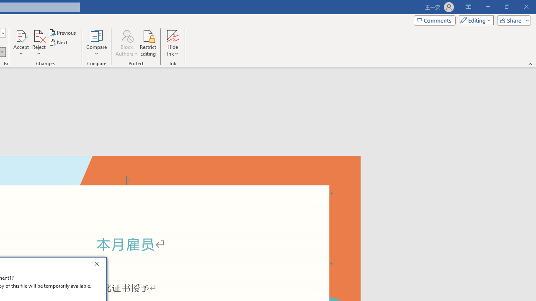 The width and height of the screenshot is (536, 301). What do you see at coordinates (58, 42) in the screenshot?
I see `'Next'` at bounding box center [58, 42].